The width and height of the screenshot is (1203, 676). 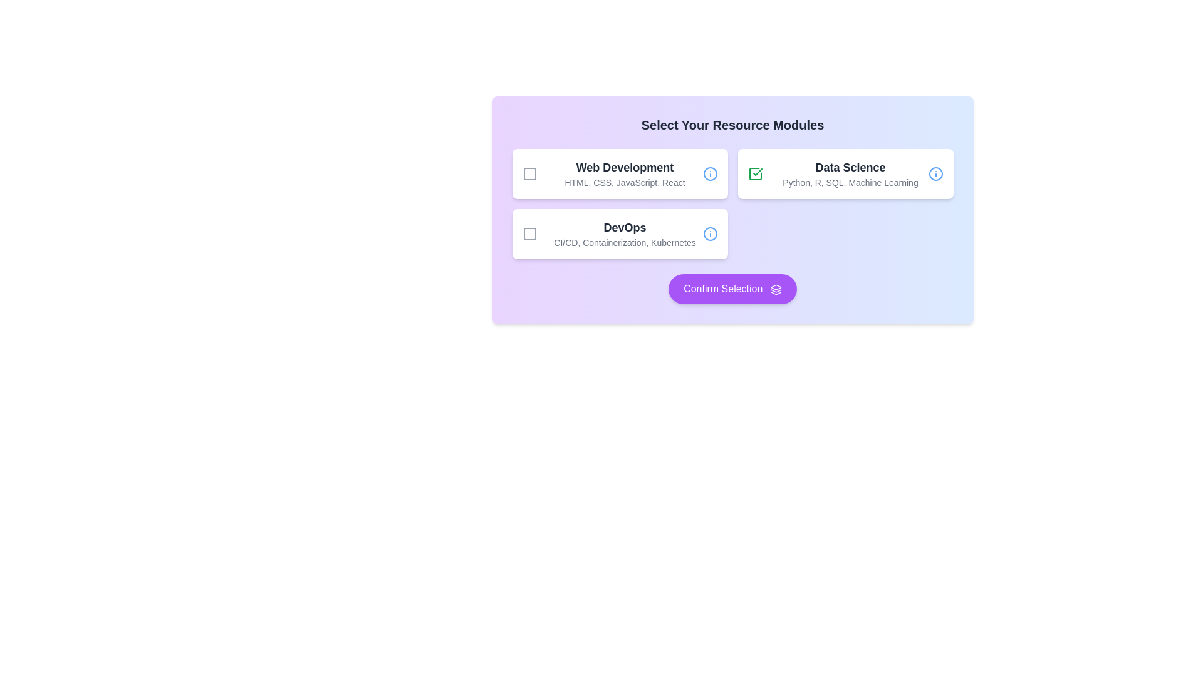 What do you see at coordinates (775, 287) in the screenshot?
I see `the topmost layered icon, which is part of a group of three similar icons, located near the right edge of the 'Confirm Selection' button` at bounding box center [775, 287].